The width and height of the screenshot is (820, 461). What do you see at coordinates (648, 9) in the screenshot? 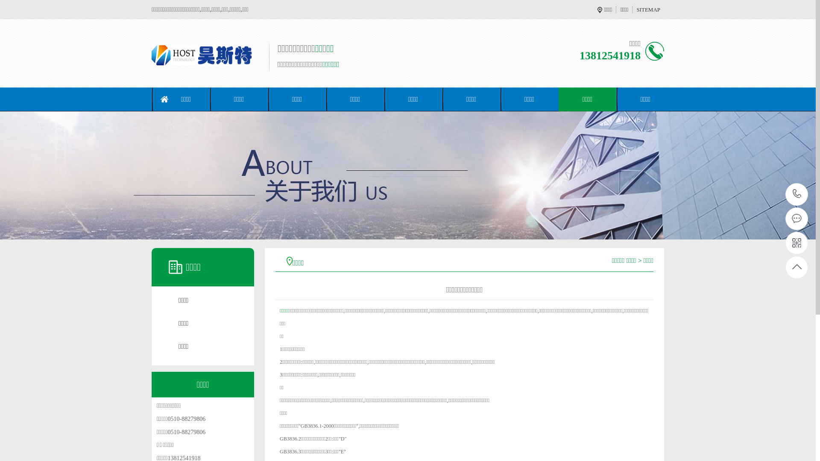
I see `'SITEMAP'` at bounding box center [648, 9].